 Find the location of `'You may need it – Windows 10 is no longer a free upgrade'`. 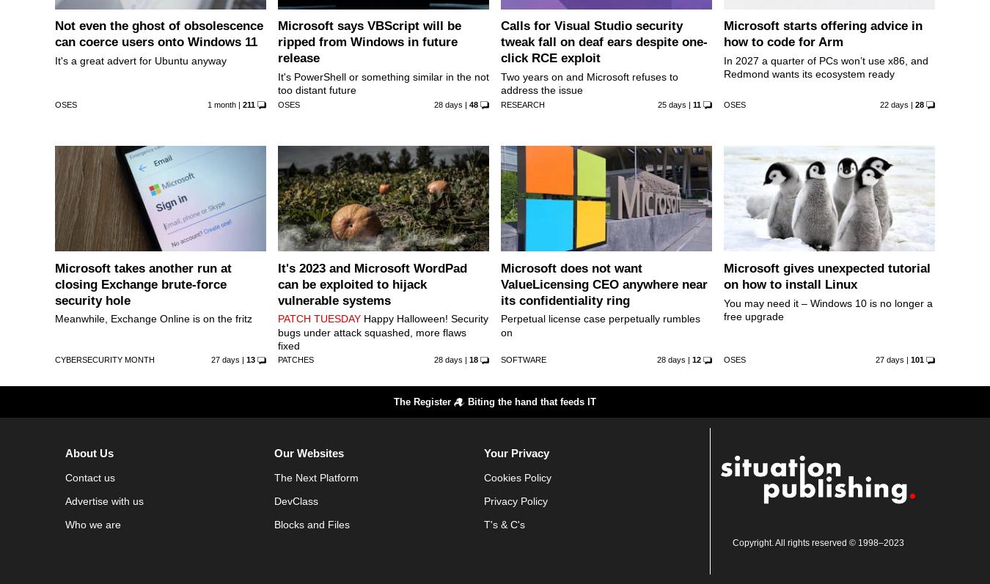

'You may need it – Windows 10 is no longer a free upgrade' is located at coordinates (827, 309).